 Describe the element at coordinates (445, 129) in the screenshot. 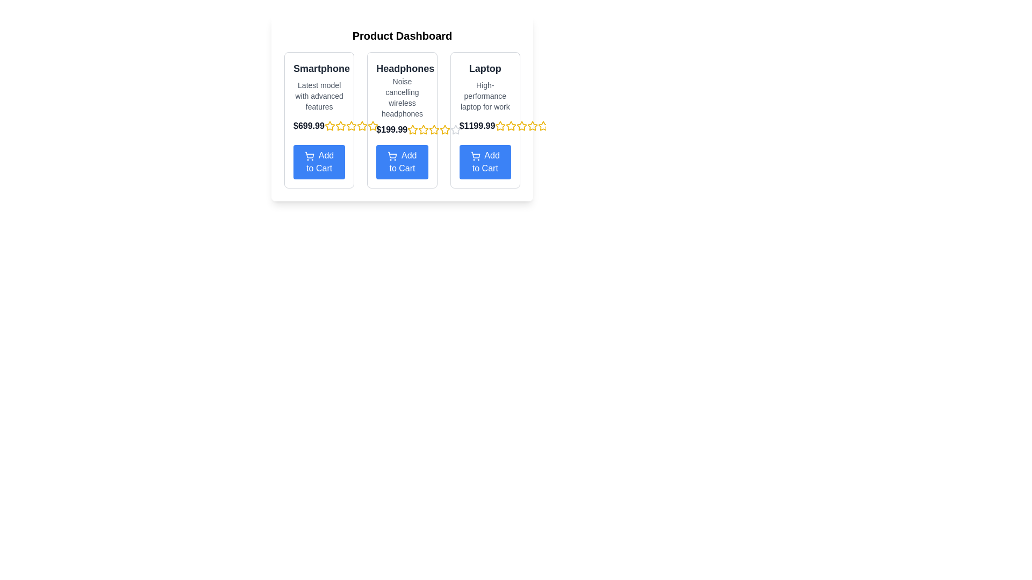

I see `the thirteenth yellow star icon in the rating system located below the price of the third product 'Laptop' in the product dashboard` at that location.